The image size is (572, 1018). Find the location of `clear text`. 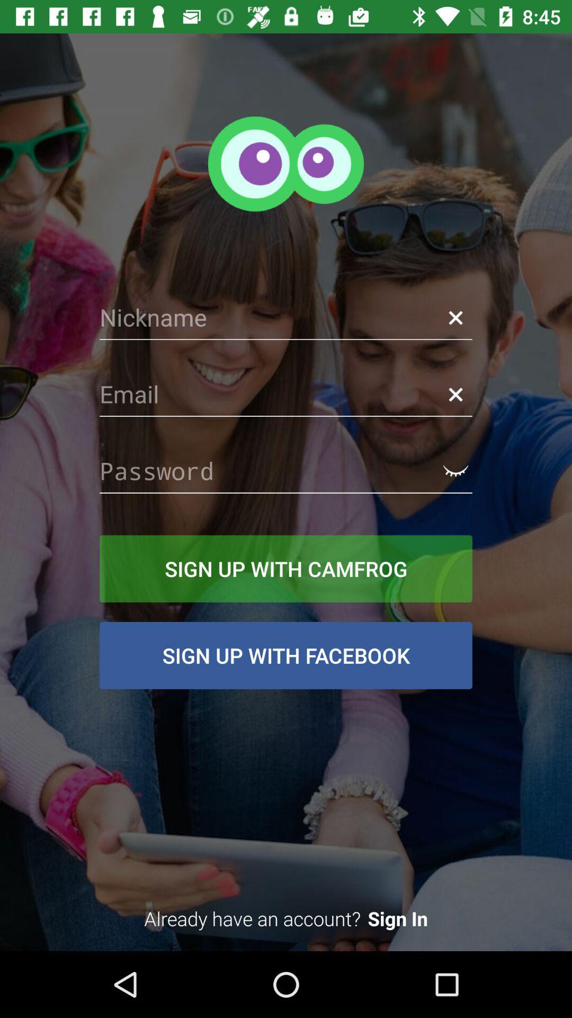

clear text is located at coordinates (455, 394).